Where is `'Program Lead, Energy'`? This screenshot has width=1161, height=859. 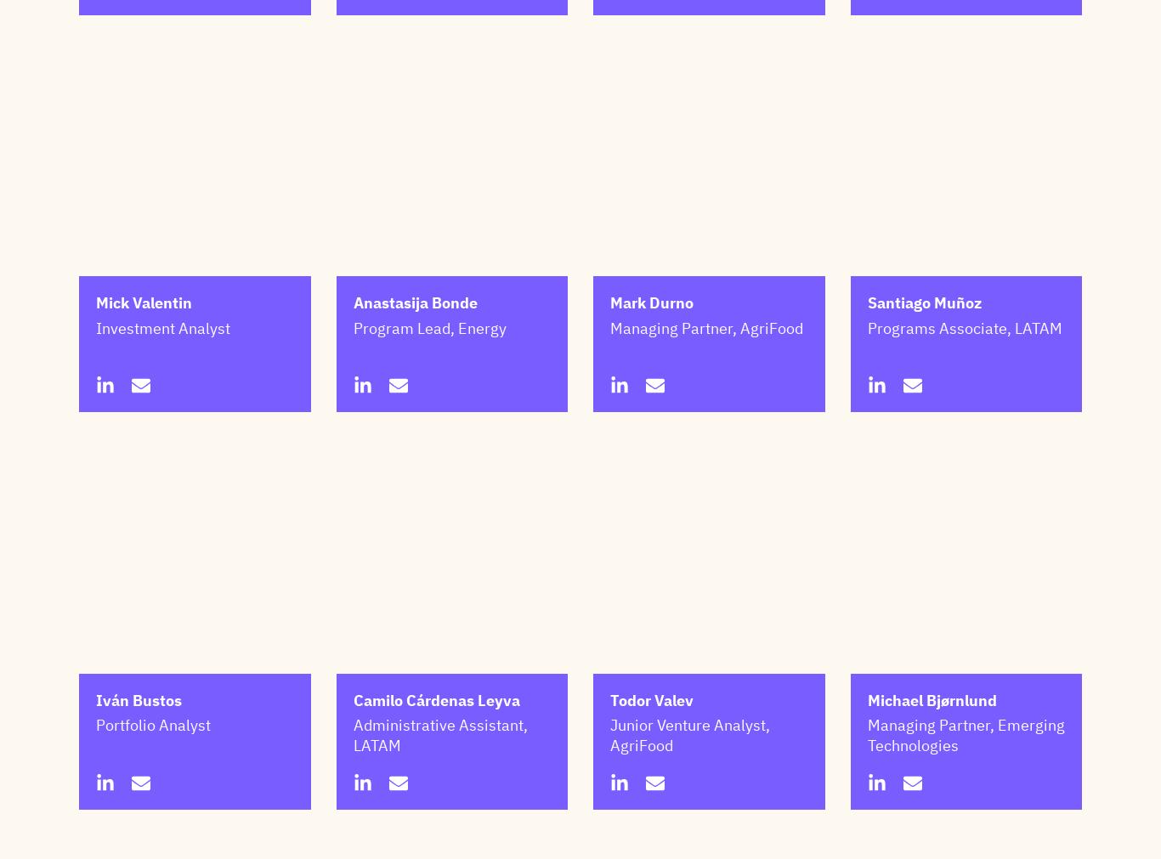 'Program Lead, Energy' is located at coordinates (351, 411).